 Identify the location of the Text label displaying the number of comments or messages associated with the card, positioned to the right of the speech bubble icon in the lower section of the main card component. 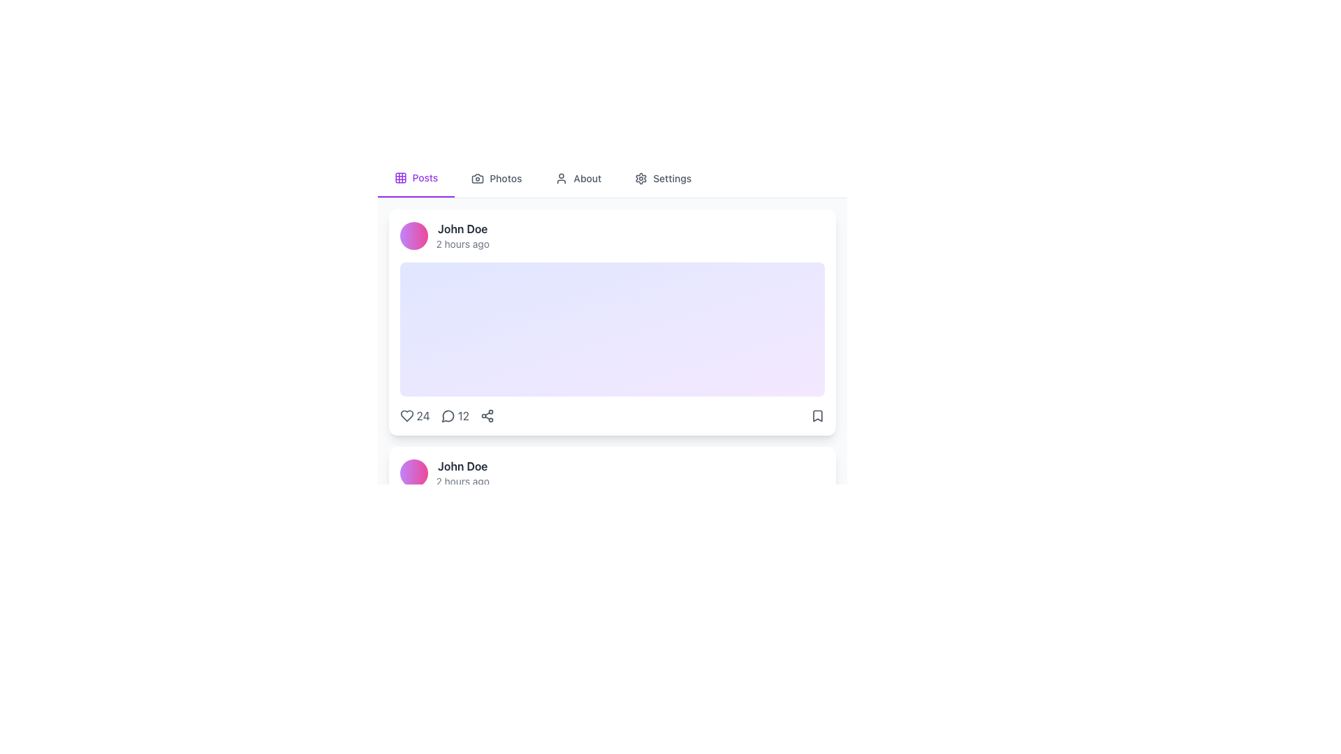
(463, 415).